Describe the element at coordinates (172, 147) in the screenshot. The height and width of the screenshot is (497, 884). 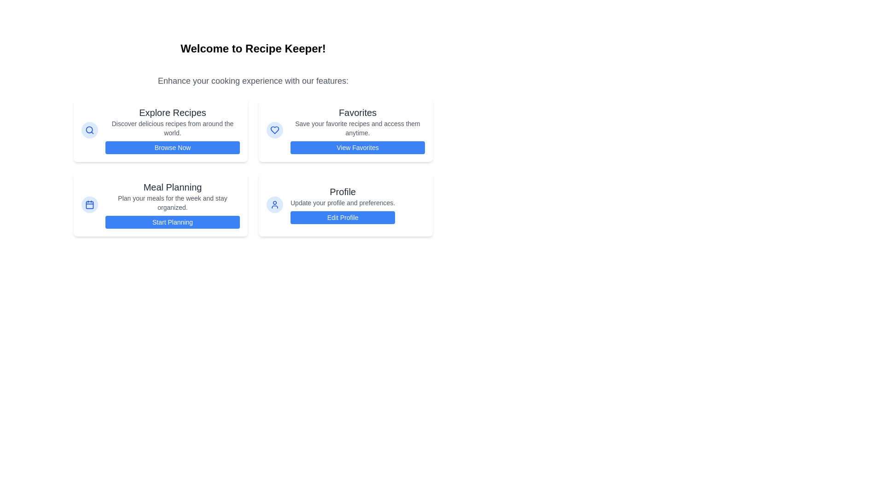
I see `the 'Browse Now' button which is a blue rectangular button with white text, located below the descriptive text block in the left section of the interface` at that location.